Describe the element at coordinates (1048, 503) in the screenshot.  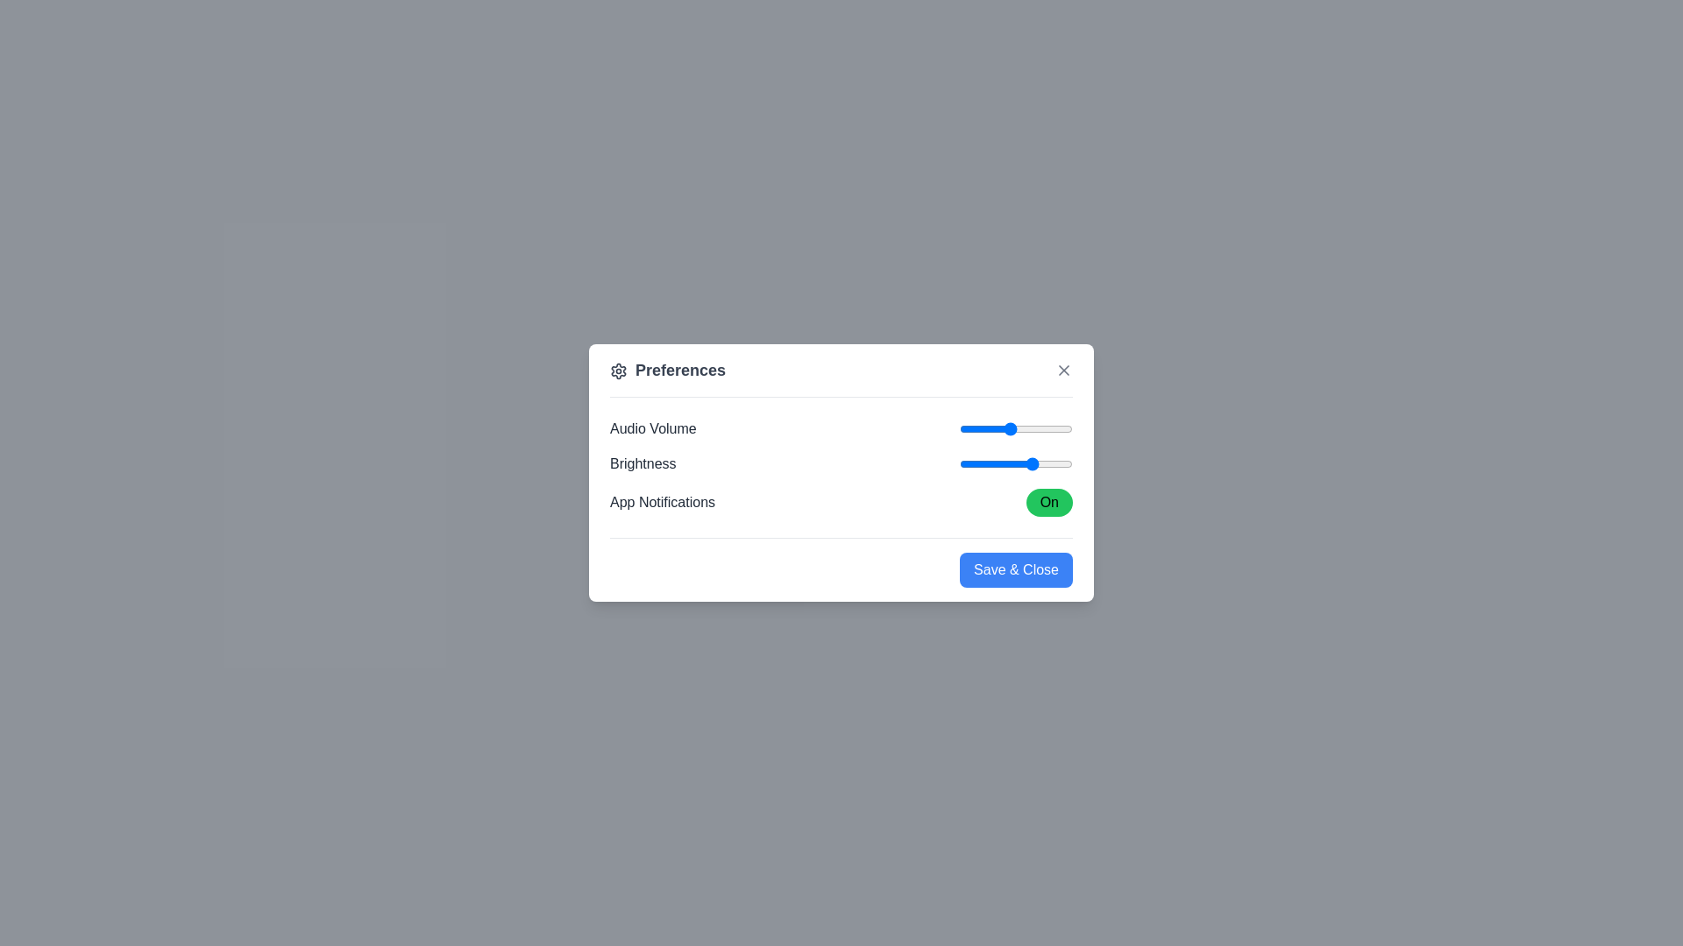
I see `the 'App Notifications' toggle switch to change its state` at that location.